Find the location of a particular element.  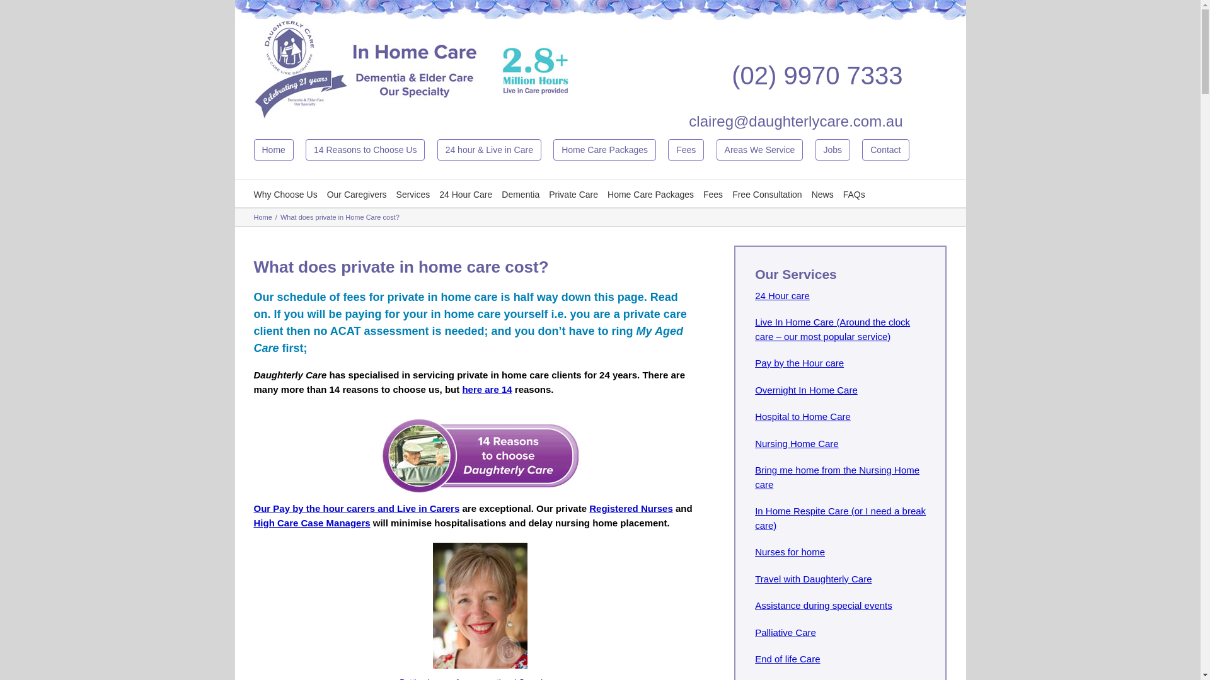

'In Home Respite Care (or I need a break care)' is located at coordinates (755, 518).